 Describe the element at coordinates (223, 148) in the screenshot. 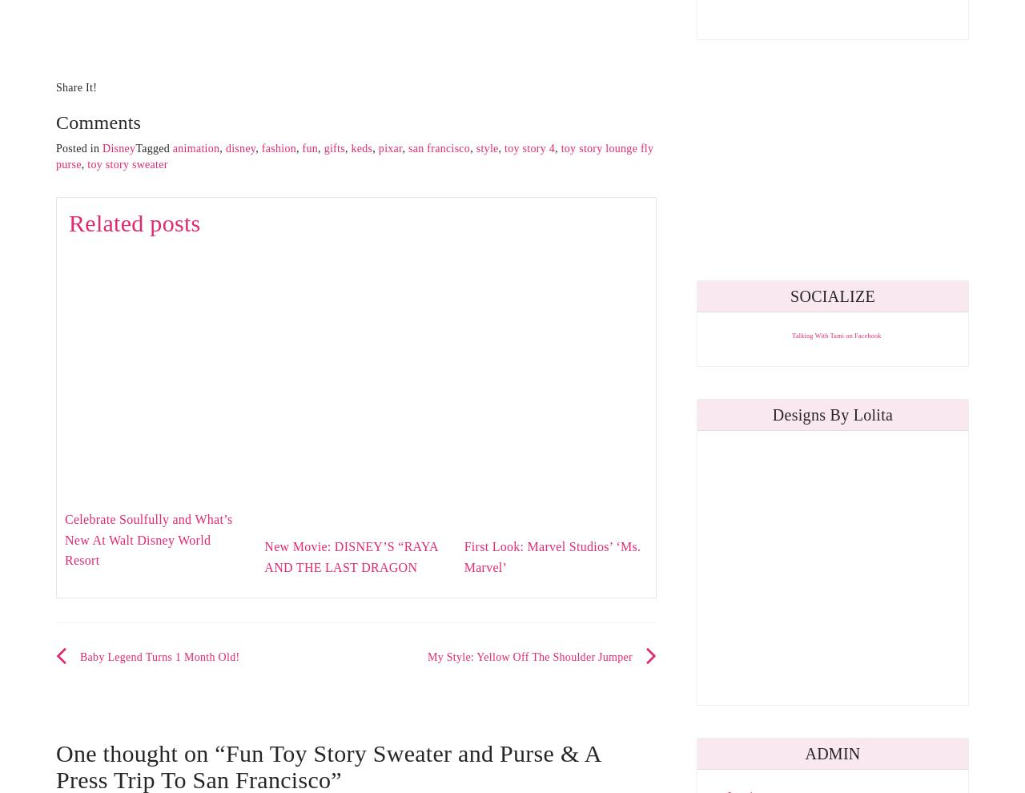

I see `'disney'` at that location.